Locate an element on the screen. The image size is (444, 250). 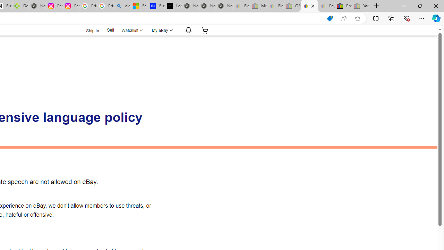
'New Tab' is located at coordinates (376, 6).